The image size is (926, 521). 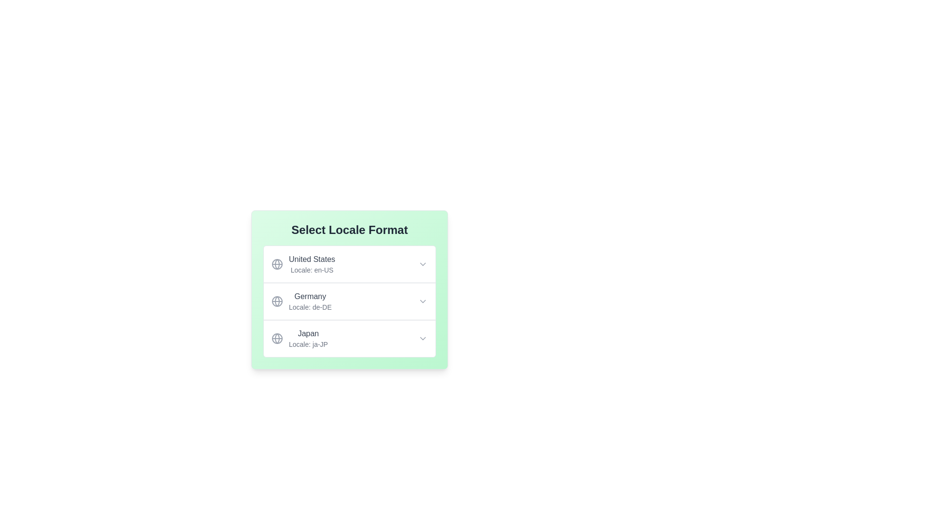 What do you see at coordinates (423, 338) in the screenshot?
I see `the dropdown indicator icon (chevron down) located at the far right end of the 'Japan' locale option` at bounding box center [423, 338].